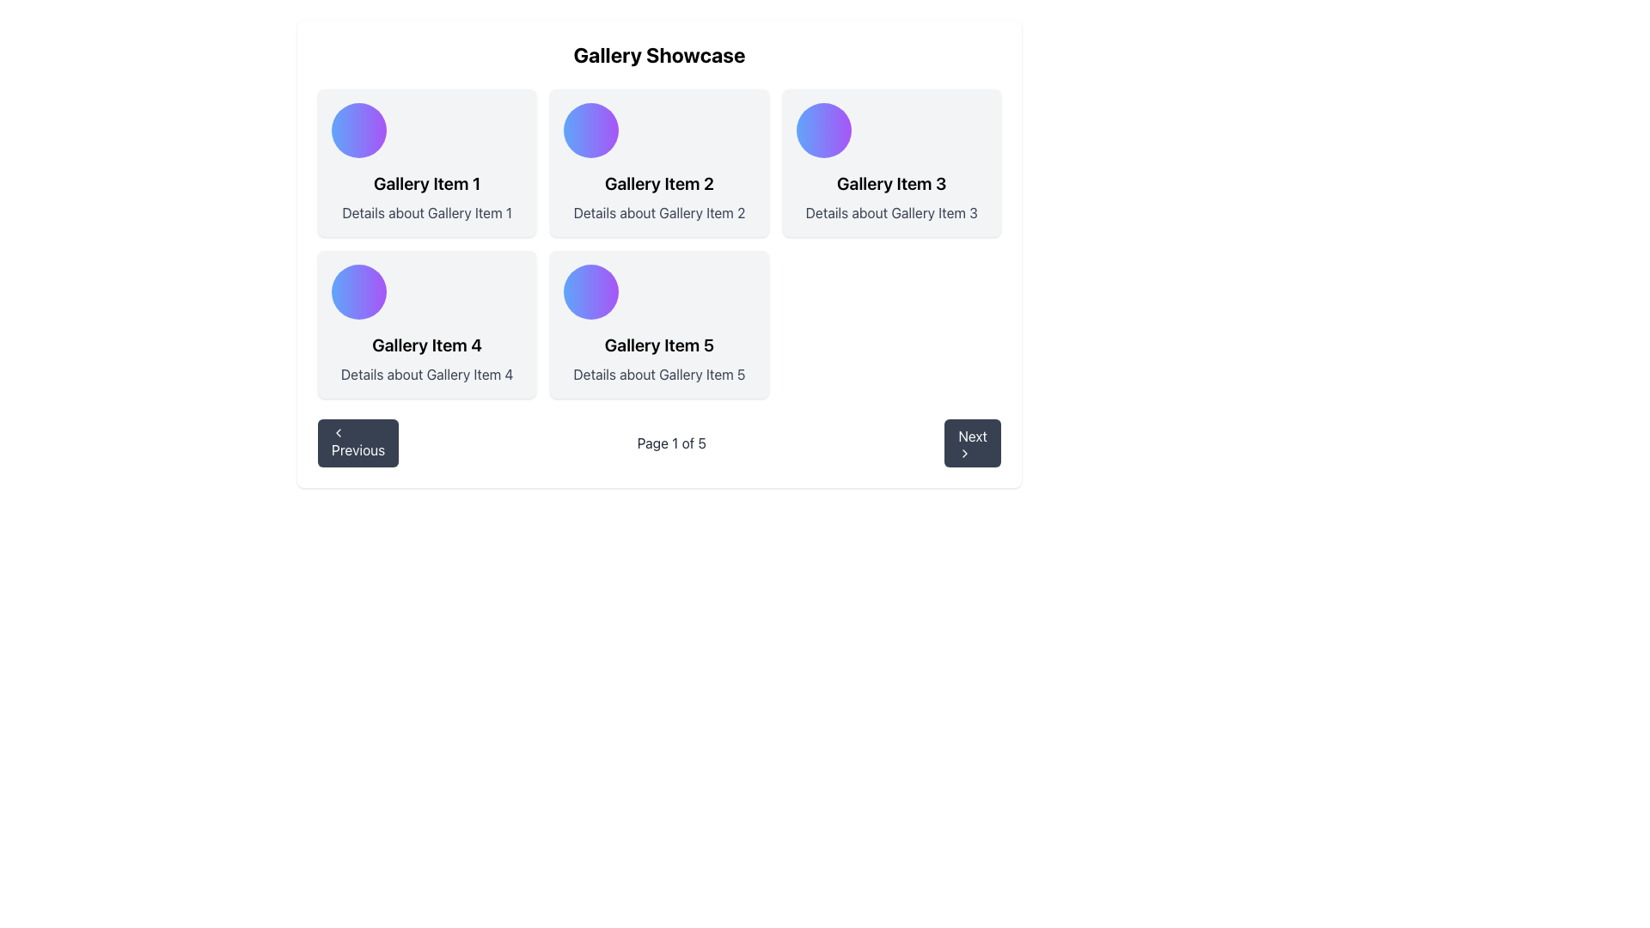 This screenshot has width=1650, height=928. What do you see at coordinates (658, 162) in the screenshot?
I see `the informational card displaying details about 'Gallery Item 2', located in the top row, middle column of the grid layout` at bounding box center [658, 162].